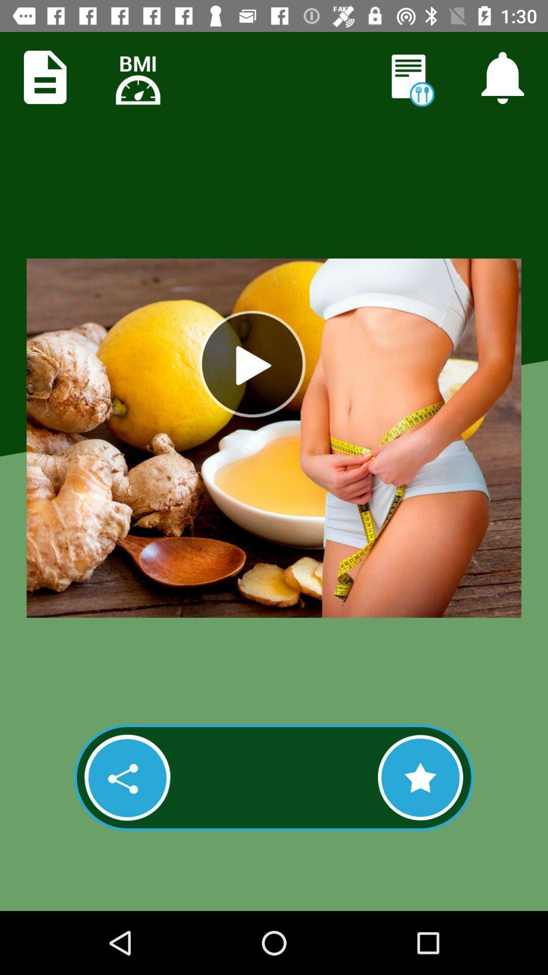 The width and height of the screenshot is (548, 975). I want to click on the share icon, so click(127, 777).